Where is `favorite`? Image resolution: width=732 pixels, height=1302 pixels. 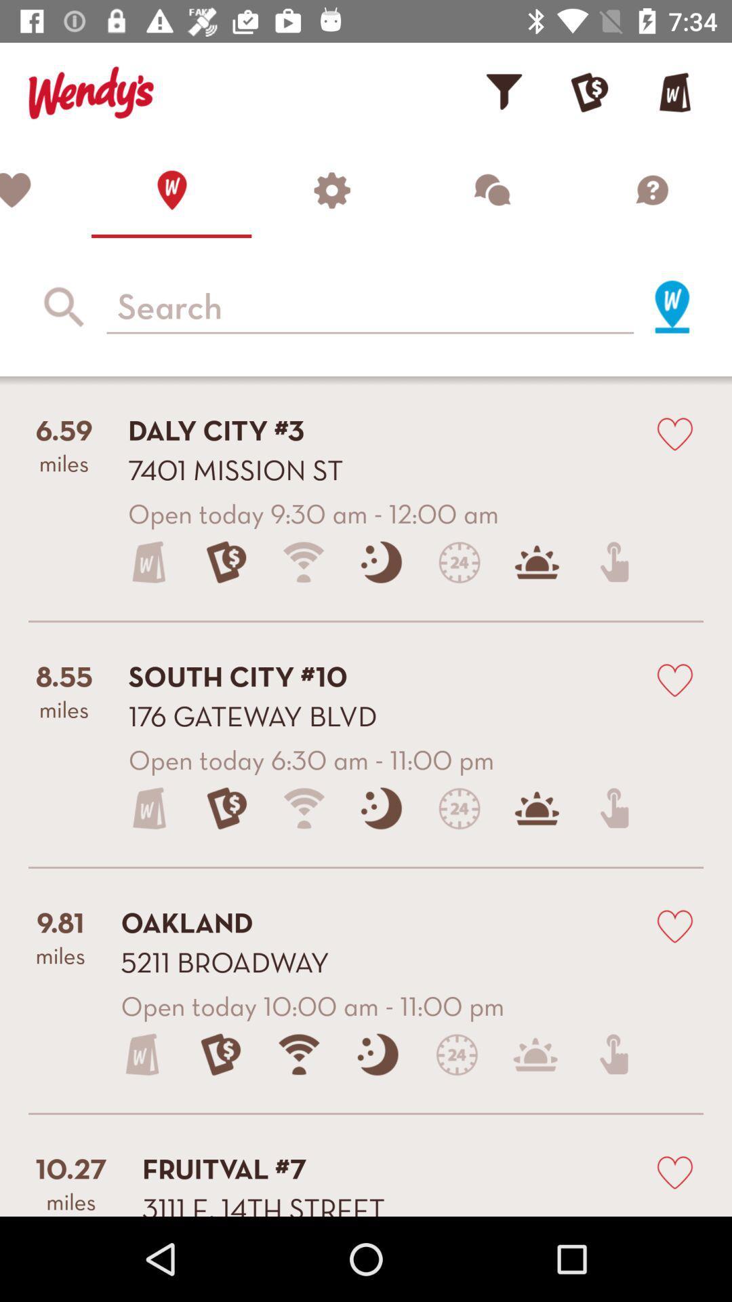 favorite is located at coordinates (674, 432).